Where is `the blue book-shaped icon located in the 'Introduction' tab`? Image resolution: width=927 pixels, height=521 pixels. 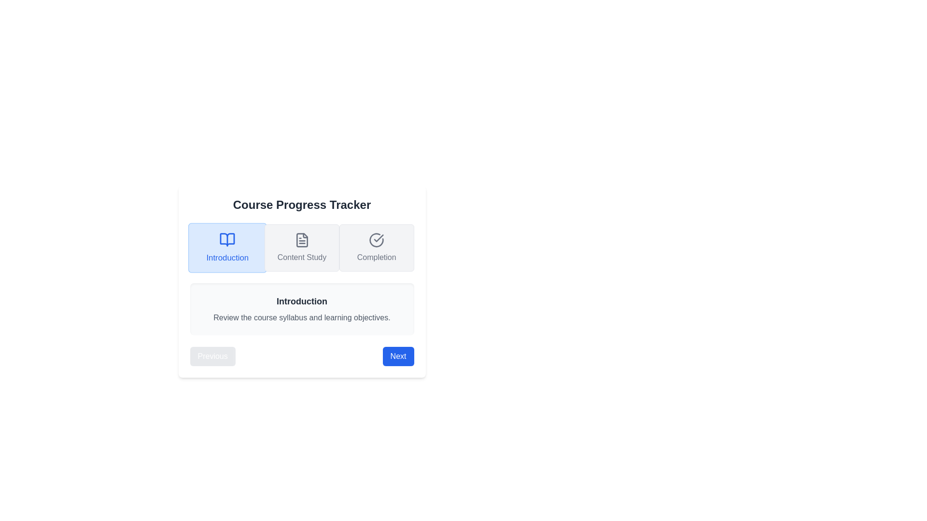
the blue book-shaped icon located in the 'Introduction' tab is located at coordinates (226, 239).